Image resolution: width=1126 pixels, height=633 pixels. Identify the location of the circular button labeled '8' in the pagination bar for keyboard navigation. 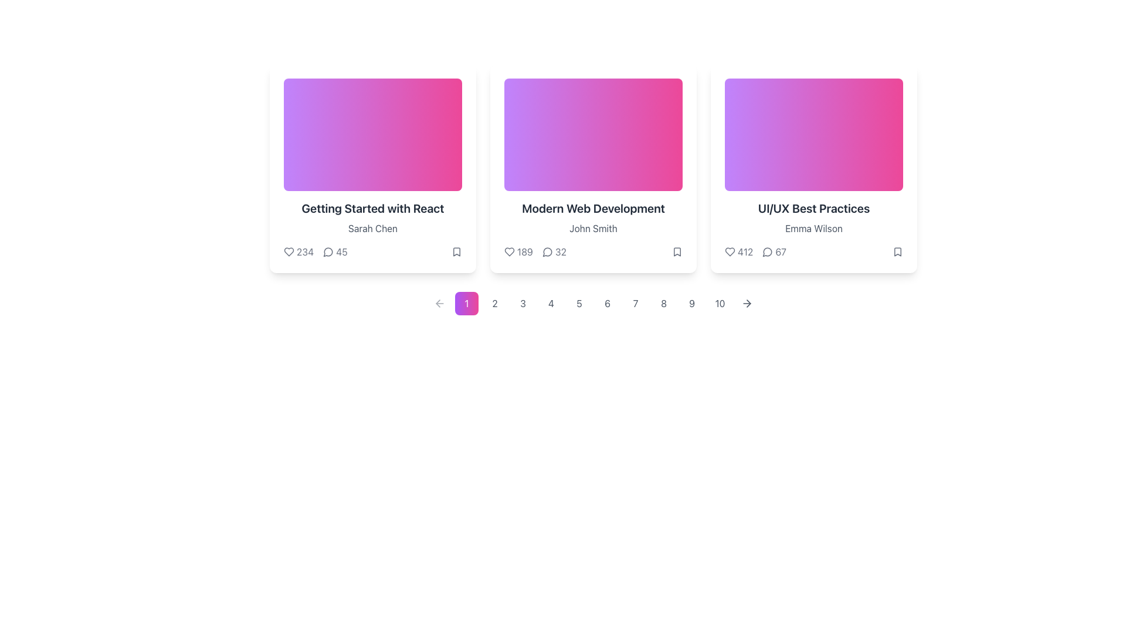
(664, 302).